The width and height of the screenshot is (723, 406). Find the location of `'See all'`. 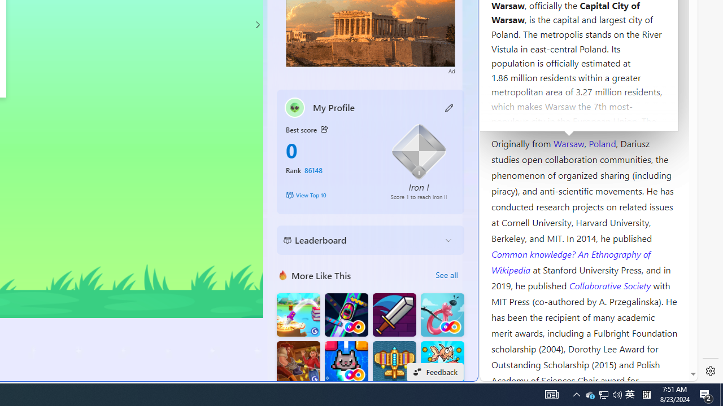

'See all' is located at coordinates (446, 275).